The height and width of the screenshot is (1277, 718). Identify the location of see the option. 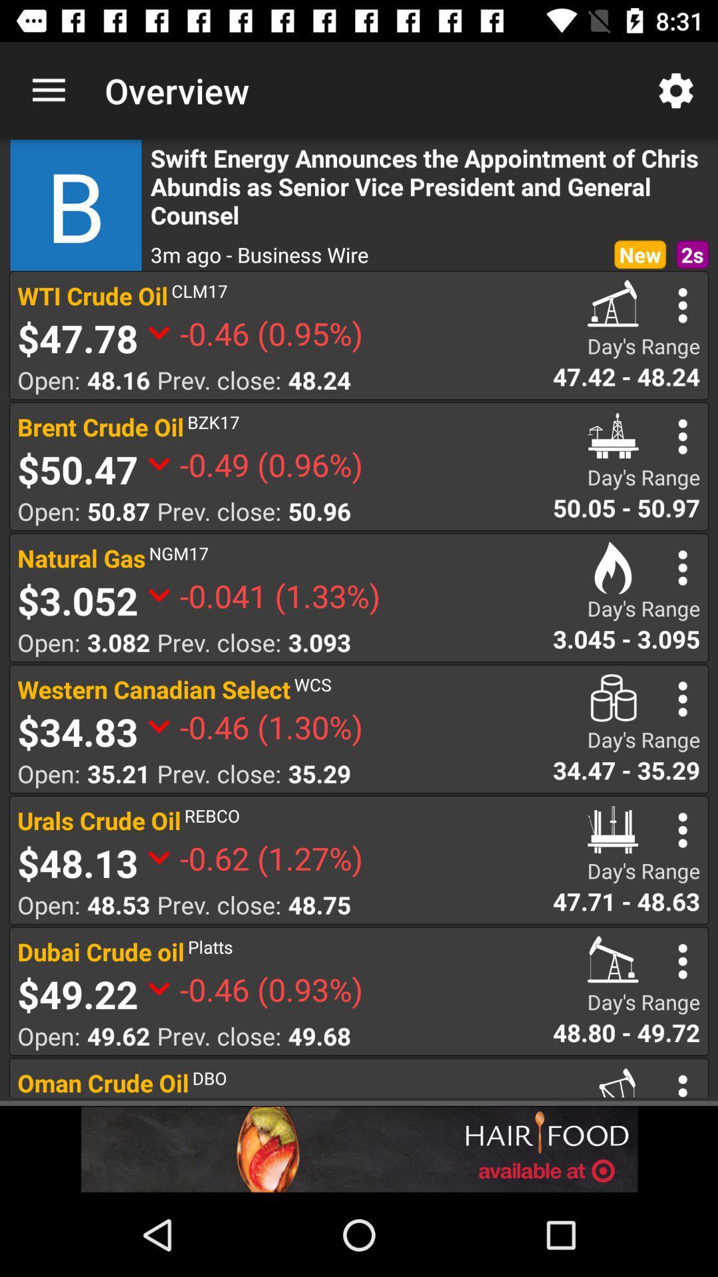
(683, 567).